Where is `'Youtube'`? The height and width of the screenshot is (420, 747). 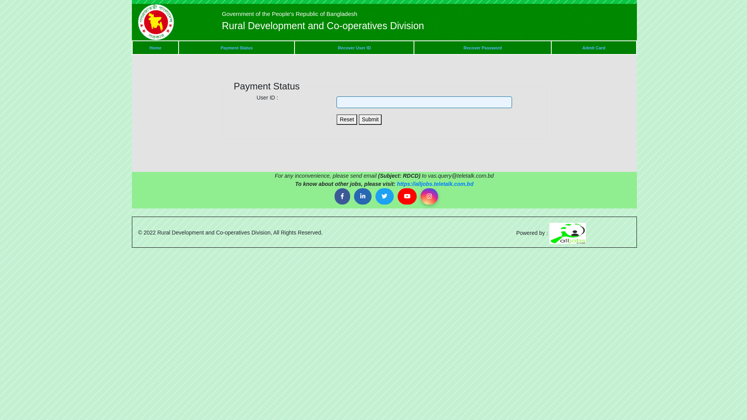 'Youtube' is located at coordinates (407, 196).